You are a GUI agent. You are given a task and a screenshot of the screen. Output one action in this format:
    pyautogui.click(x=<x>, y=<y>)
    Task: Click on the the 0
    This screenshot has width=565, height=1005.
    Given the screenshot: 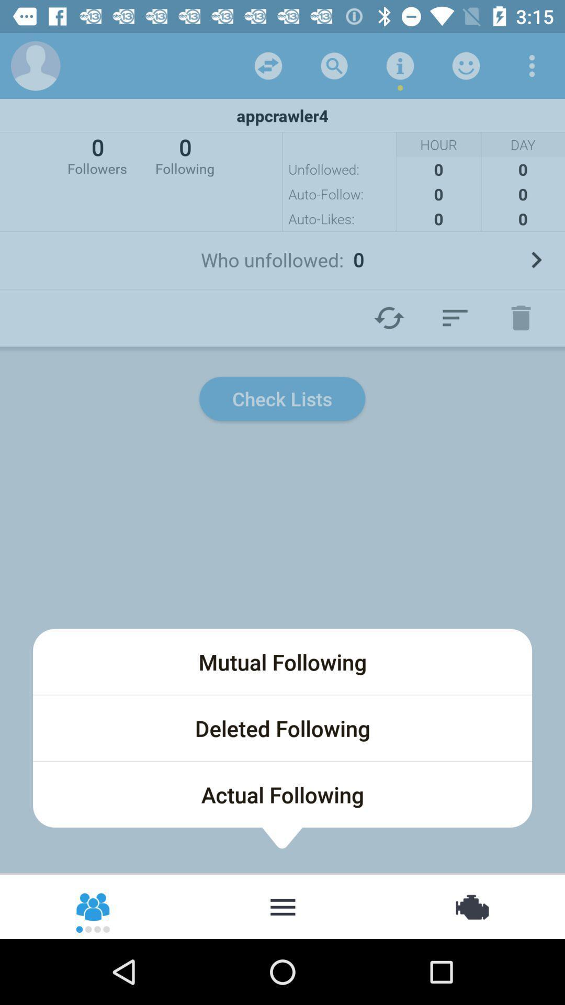 What is the action you would take?
    pyautogui.click(x=184, y=154)
    